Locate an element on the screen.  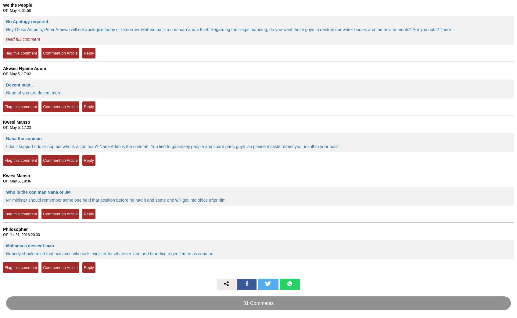
'May  4, 01:58' is located at coordinates (20, 10).